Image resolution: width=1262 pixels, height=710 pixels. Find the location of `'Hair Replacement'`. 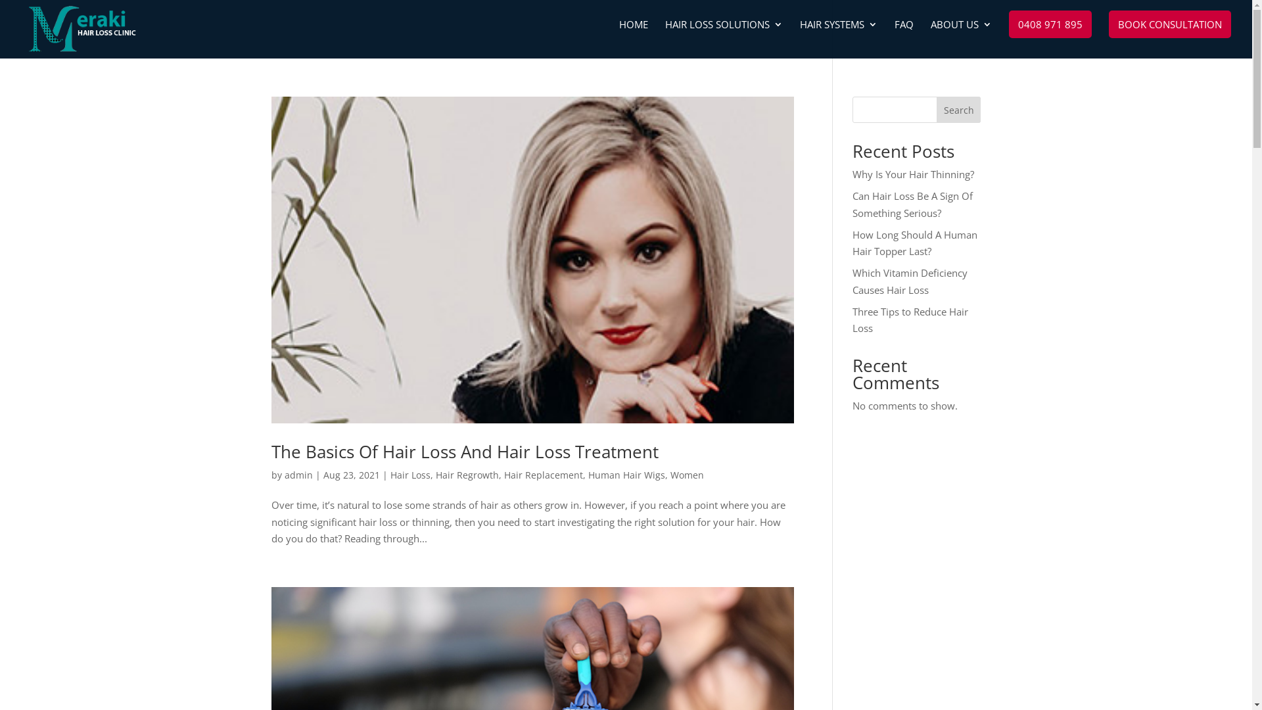

'Hair Replacement' is located at coordinates (542, 475).